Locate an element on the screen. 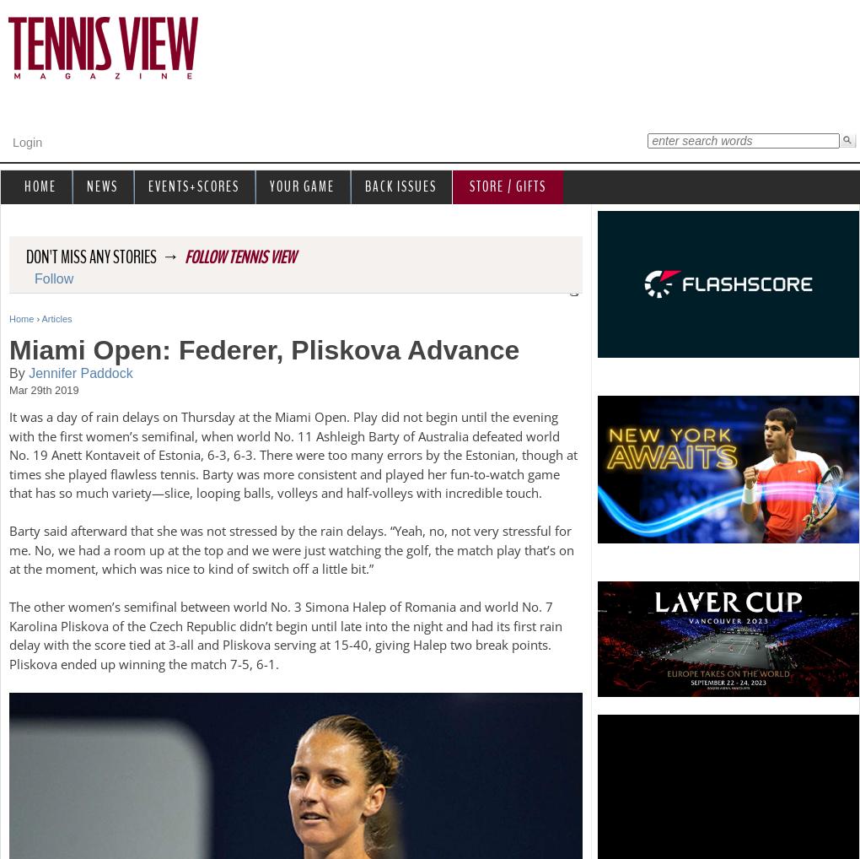 The height and width of the screenshot is (859, 860). '-1' is located at coordinates (269, 662).